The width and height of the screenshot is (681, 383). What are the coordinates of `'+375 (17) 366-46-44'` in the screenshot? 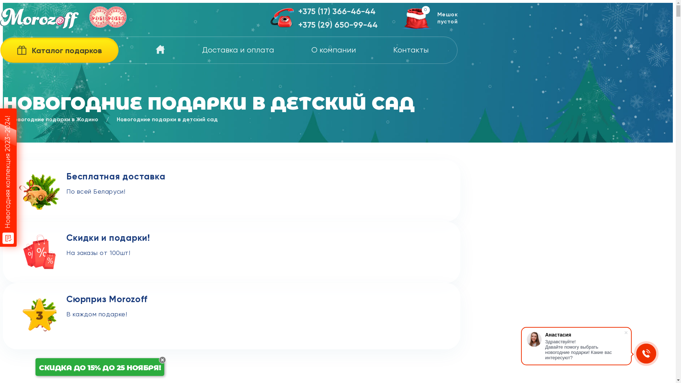 It's located at (338, 12).